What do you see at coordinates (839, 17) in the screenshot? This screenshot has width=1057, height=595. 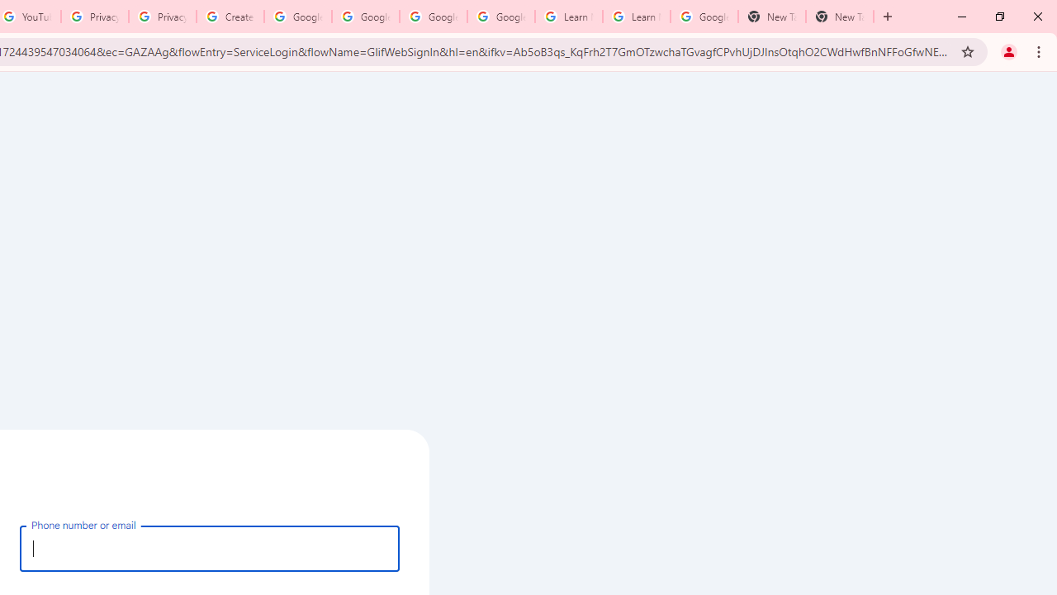 I see `'New Tab'` at bounding box center [839, 17].